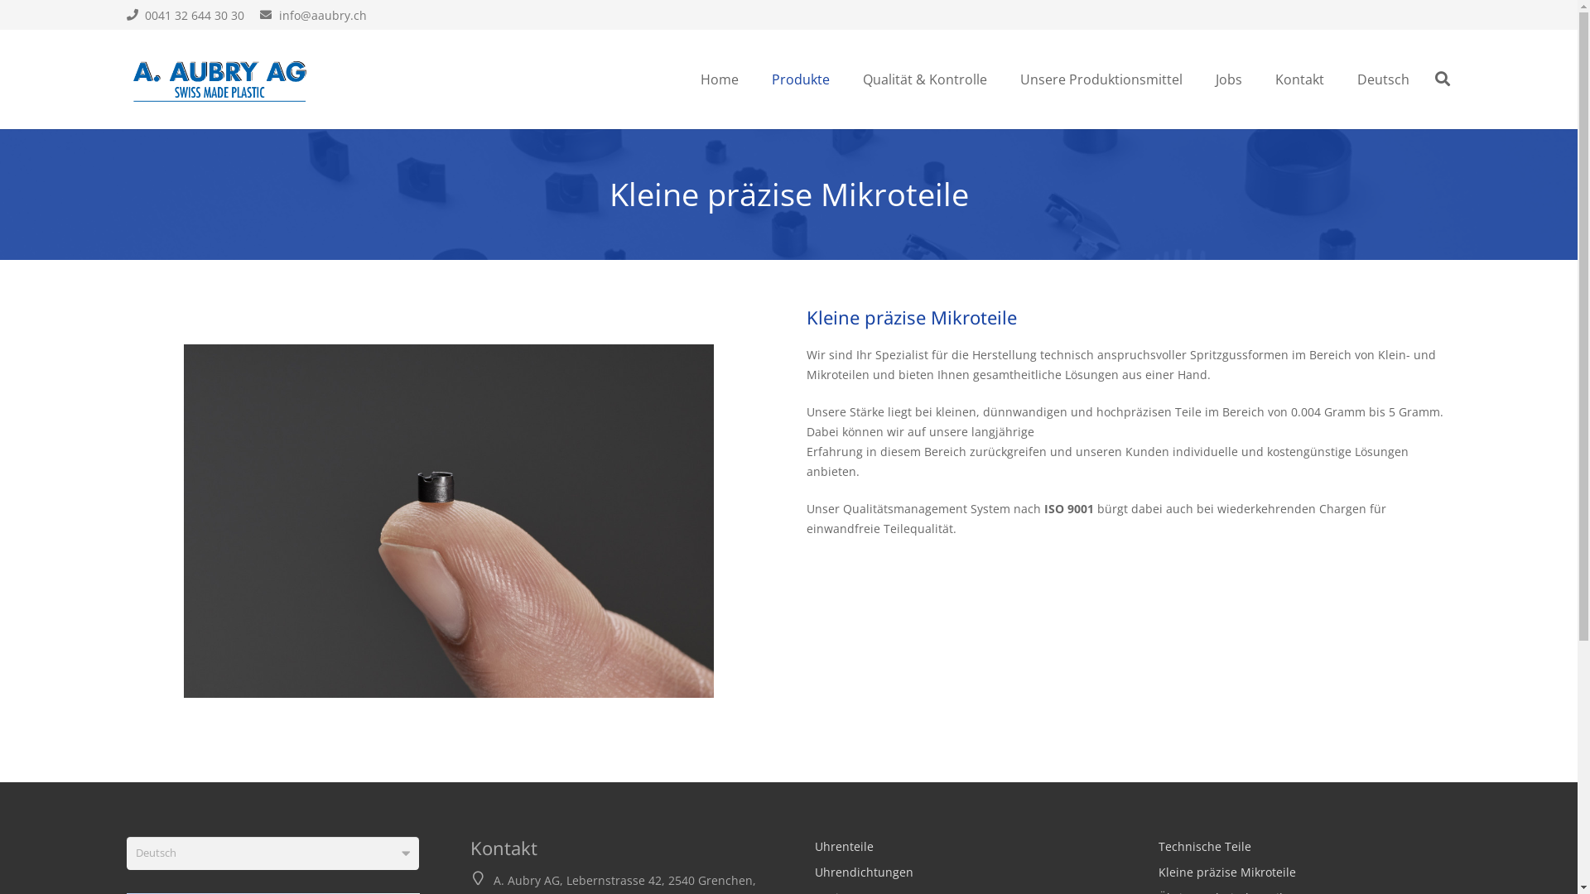  I want to click on 'Unsere Produktionsmittel', so click(1101, 79).